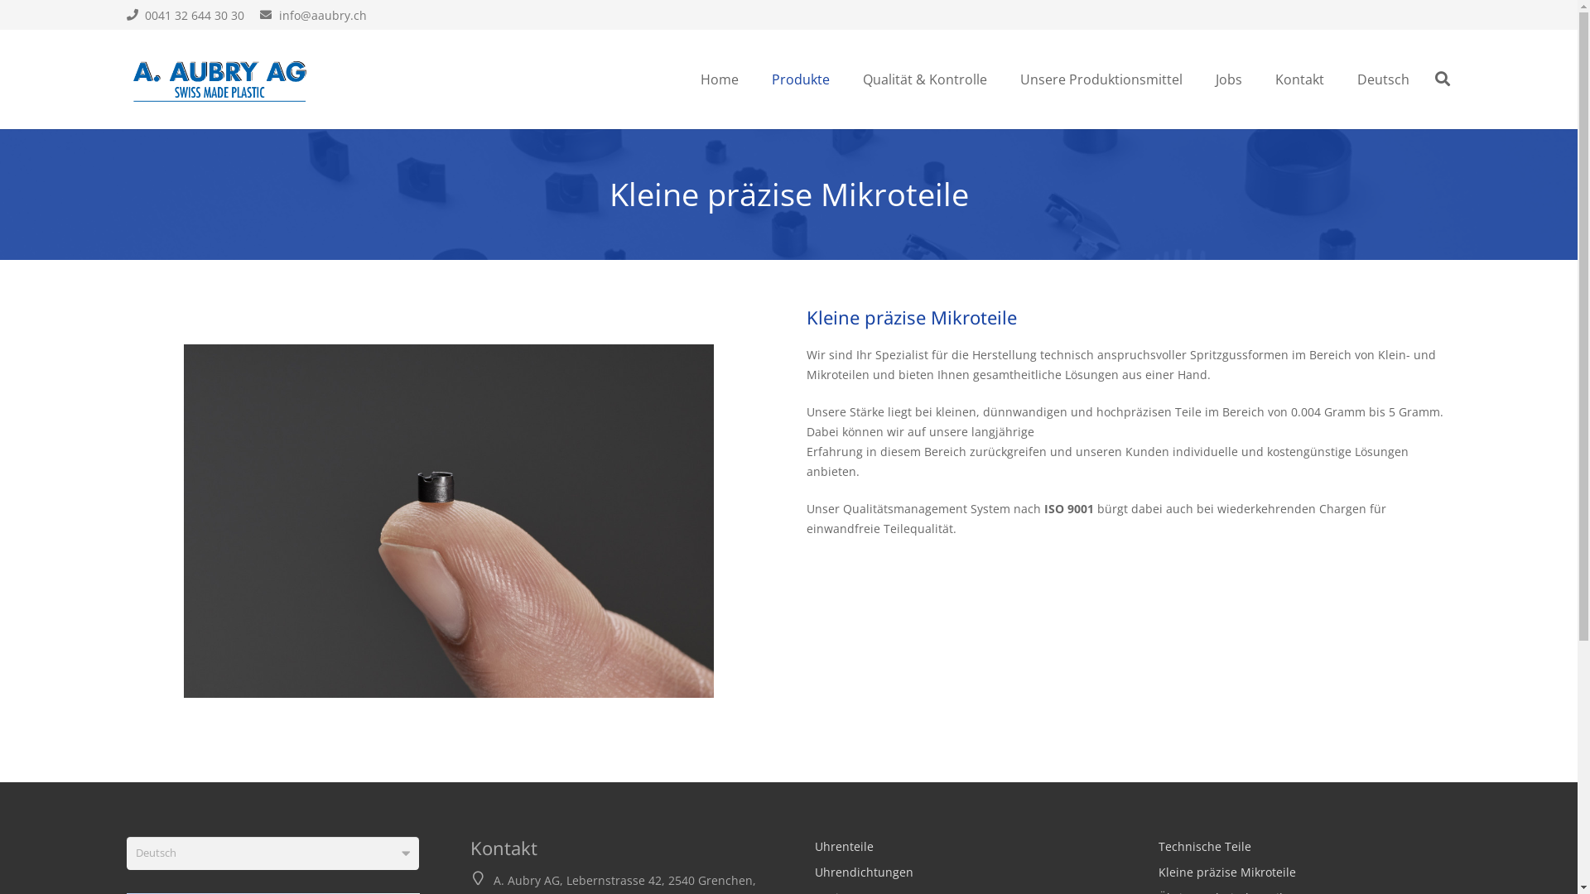  I want to click on 'Unsere Produktionsmittel', so click(1101, 79).